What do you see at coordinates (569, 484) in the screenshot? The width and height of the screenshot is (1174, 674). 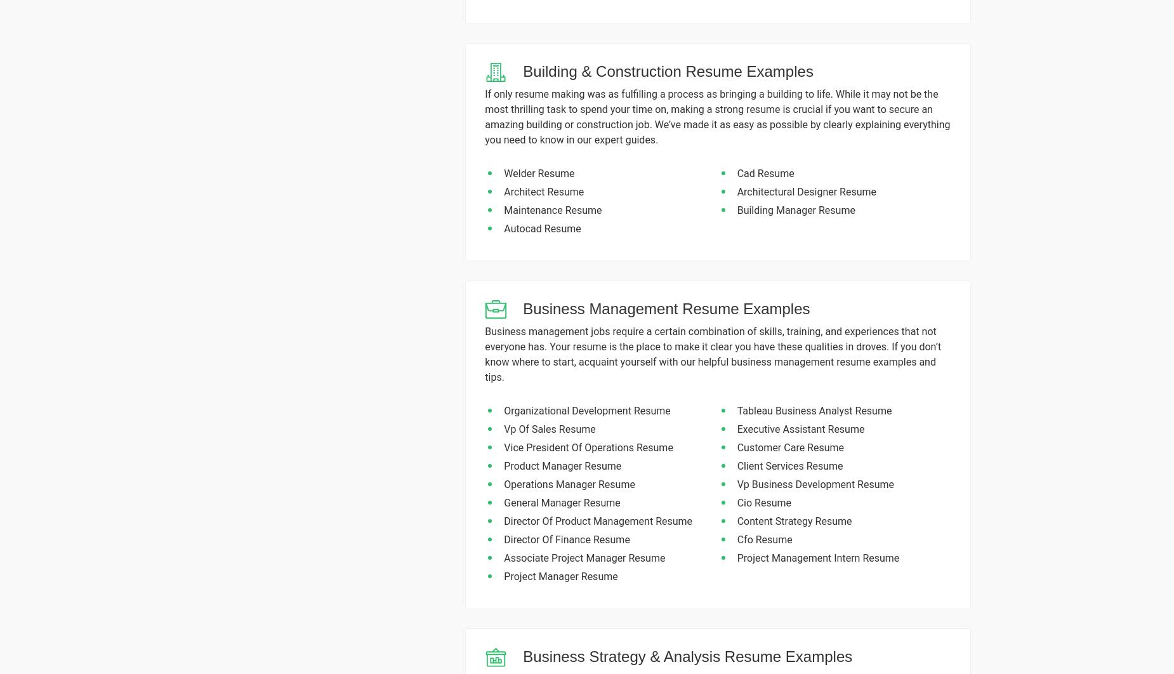 I see `'Operations Manager Resume'` at bounding box center [569, 484].